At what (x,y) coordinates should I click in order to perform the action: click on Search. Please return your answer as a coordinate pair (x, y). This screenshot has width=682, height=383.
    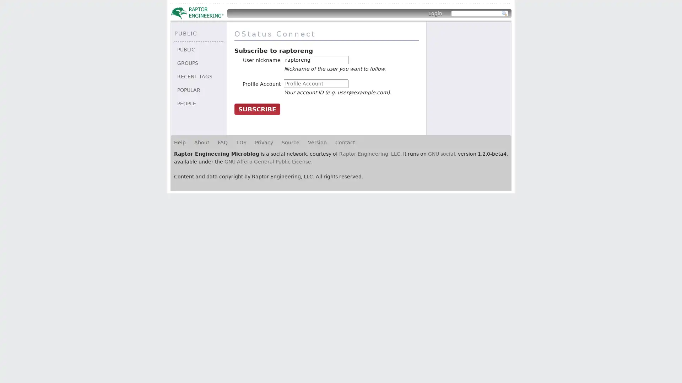
    Looking at the image, I should click on (504, 13).